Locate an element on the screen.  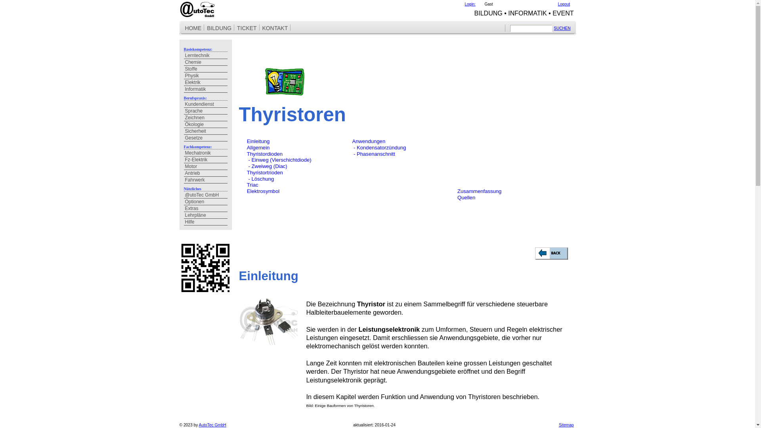
'Informatik' is located at coordinates (205, 89).